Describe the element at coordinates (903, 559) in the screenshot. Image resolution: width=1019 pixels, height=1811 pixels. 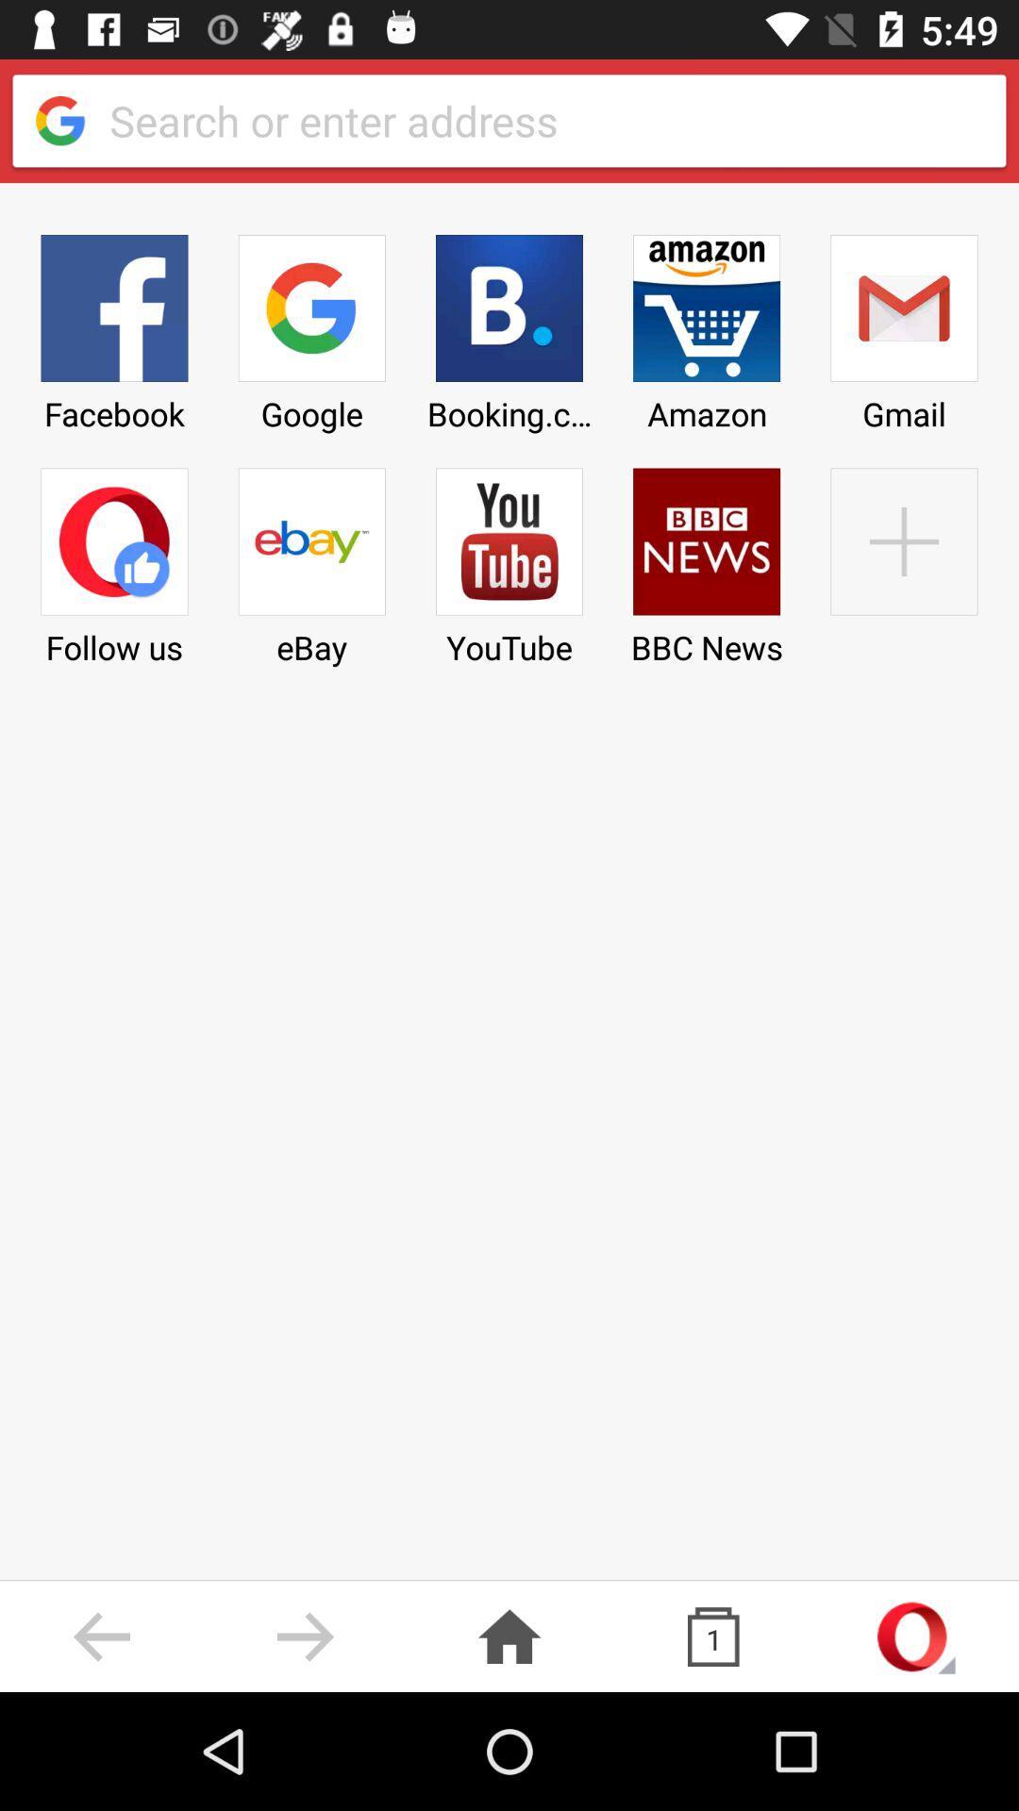
I see `item to the right of the amazon icon` at that location.